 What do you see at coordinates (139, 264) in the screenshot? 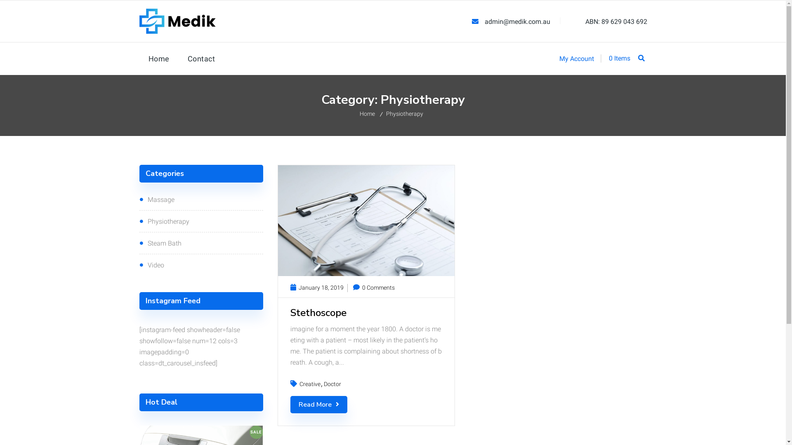
I see `'Video'` at bounding box center [139, 264].